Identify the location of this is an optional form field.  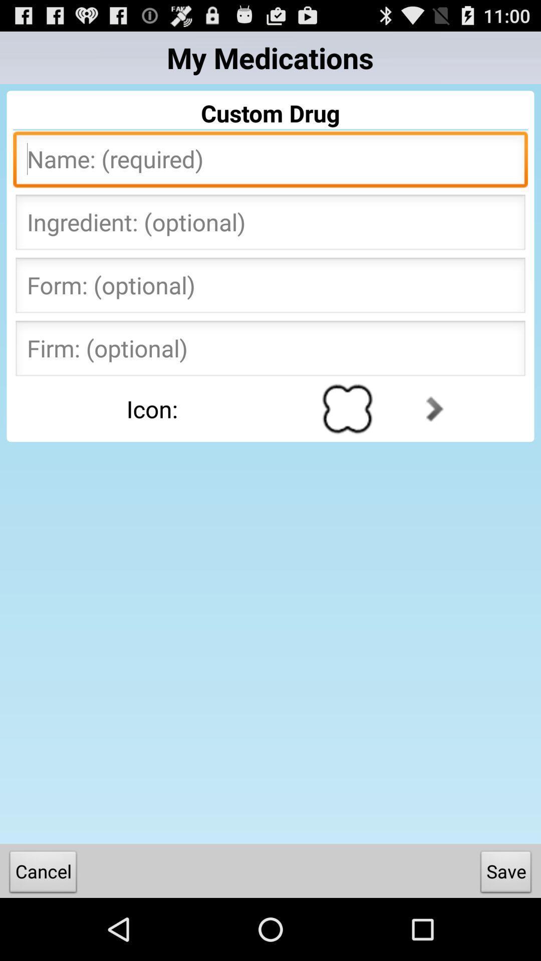
(270, 288).